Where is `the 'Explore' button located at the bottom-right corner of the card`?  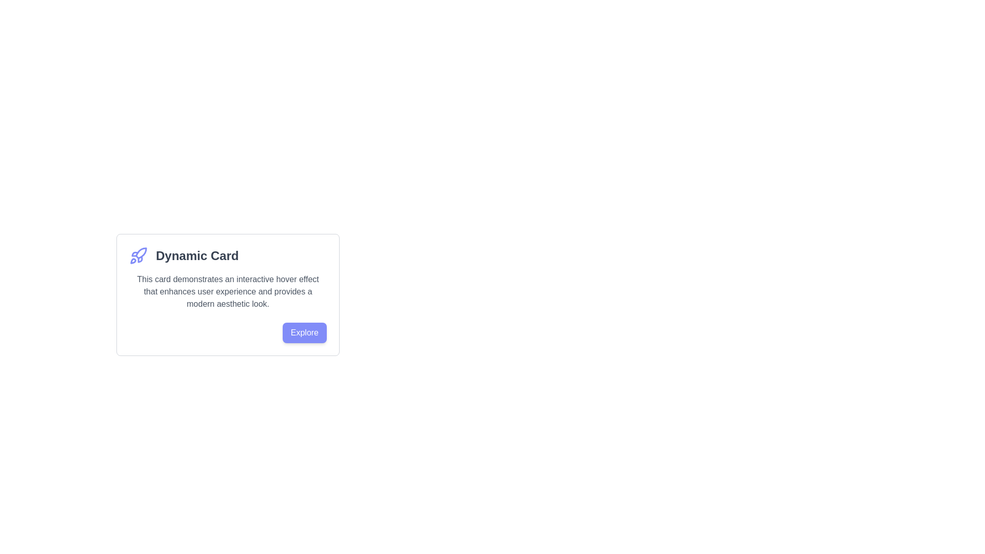 the 'Explore' button located at the bottom-right corner of the card is located at coordinates (304, 332).